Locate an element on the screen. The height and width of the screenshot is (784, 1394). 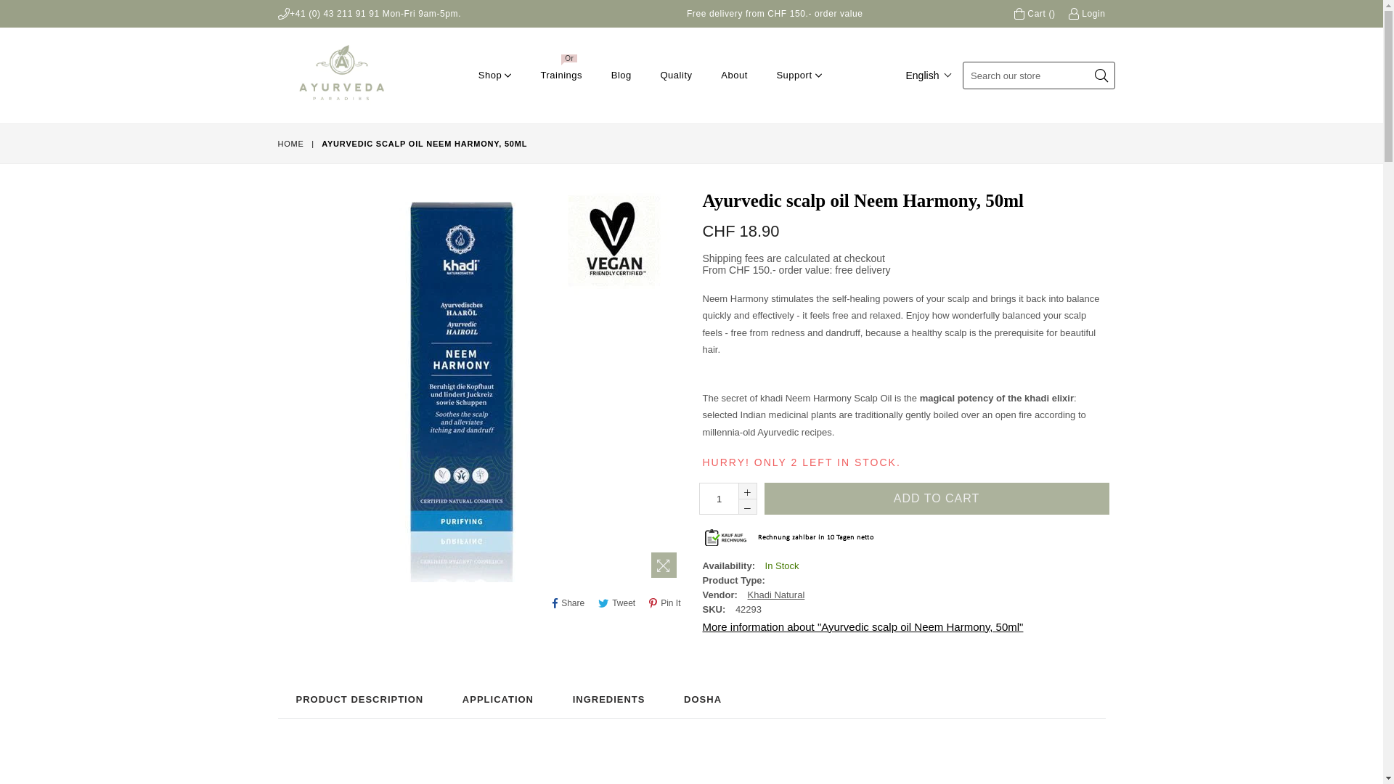
'About' is located at coordinates (707, 75).